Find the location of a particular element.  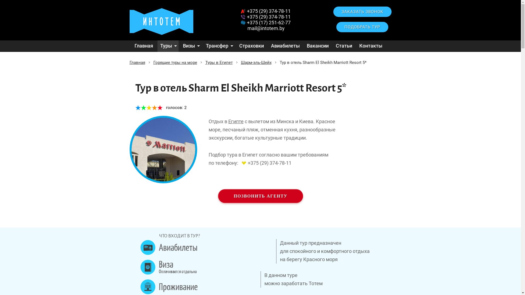

'+375 (29) 374-78-11' is located at coordinates (264, 16).